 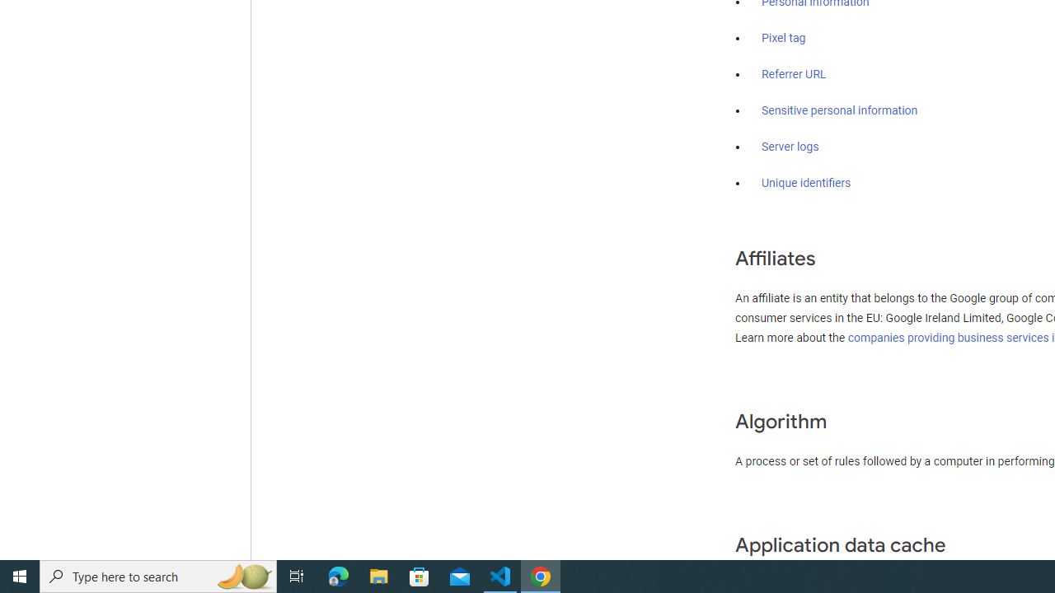 What do you see at coordinates (806, 183) in the screenshot?
I see `'Unique identifiers'` at bounding box center [806, 183].